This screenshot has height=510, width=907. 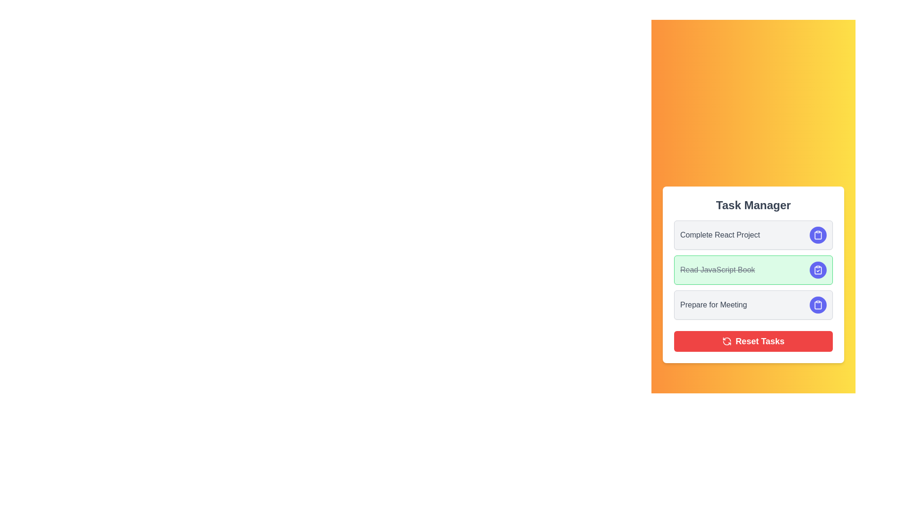 I want to click on the text label representing the task item 'Complete React Project' located in the 'Task Manager' section, positioned to the left of the corresponding icon button in the first task row, so click(x=719, y=234).